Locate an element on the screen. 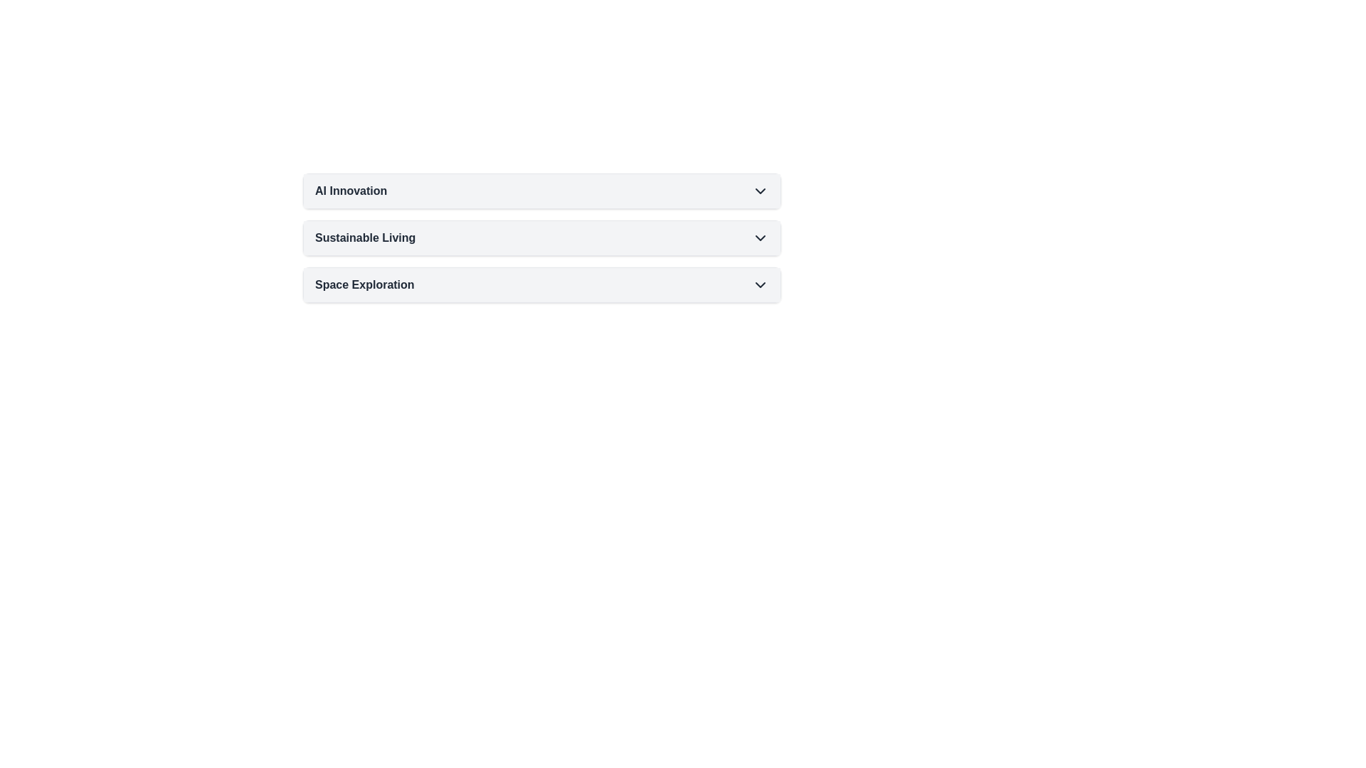 The image size is (1366, 768). text label or heading located in the second section of a vertical list, positioned between 'AI Innovation' and 'Space Exploration' is located at coordinates (365, 238).